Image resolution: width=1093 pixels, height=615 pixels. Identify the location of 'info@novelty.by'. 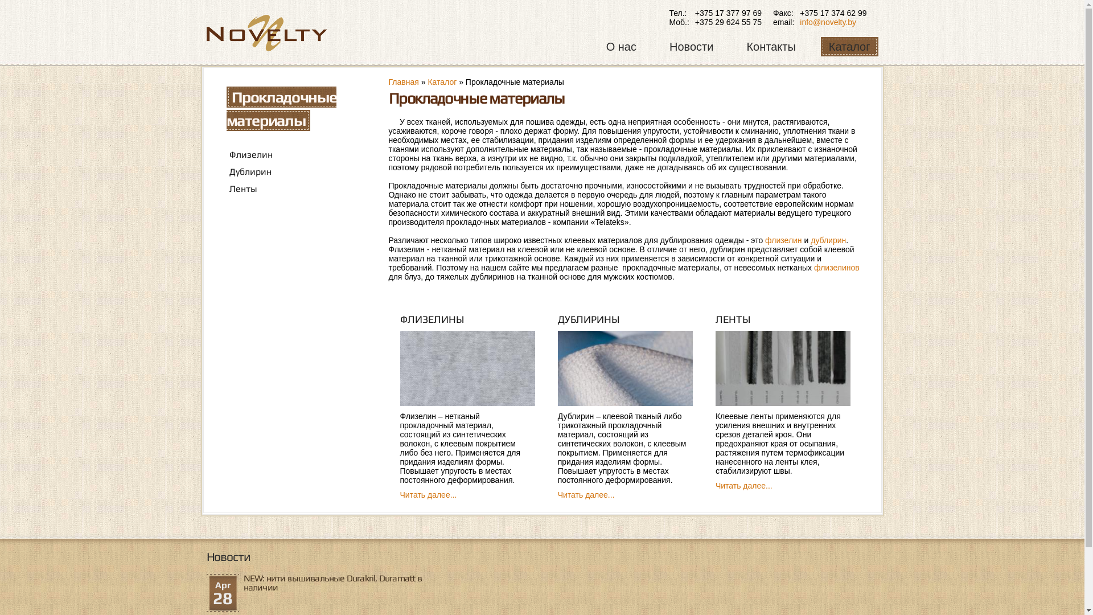
(828, 22).